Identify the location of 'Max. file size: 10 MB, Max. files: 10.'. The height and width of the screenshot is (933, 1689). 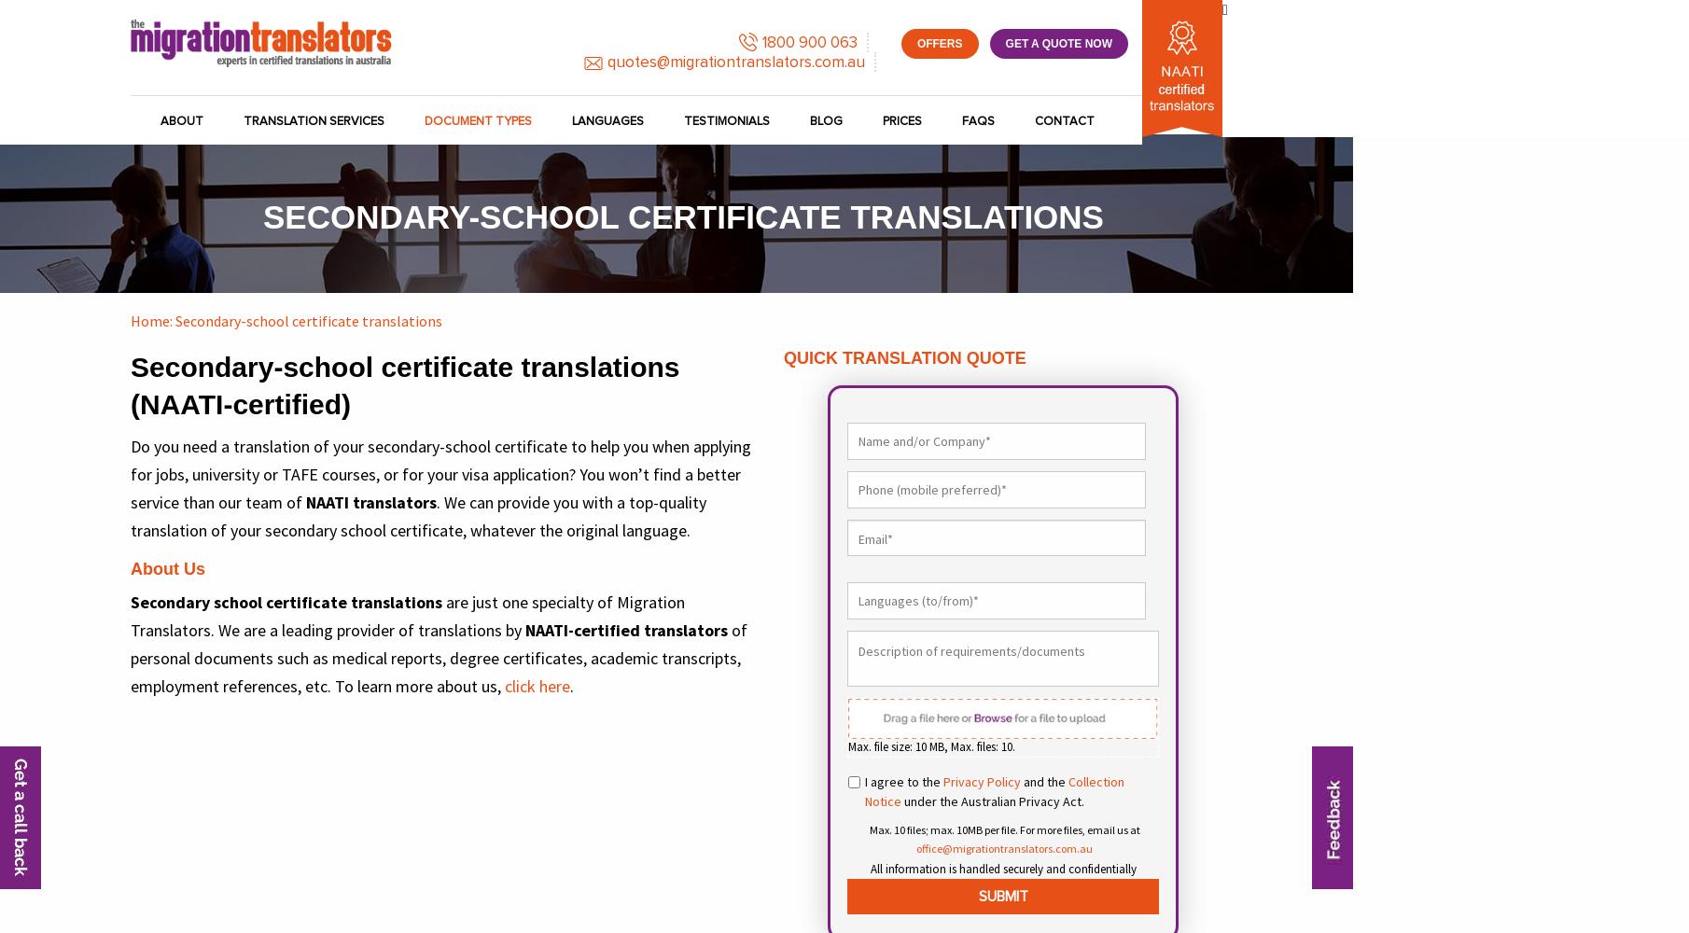
(930, 746).